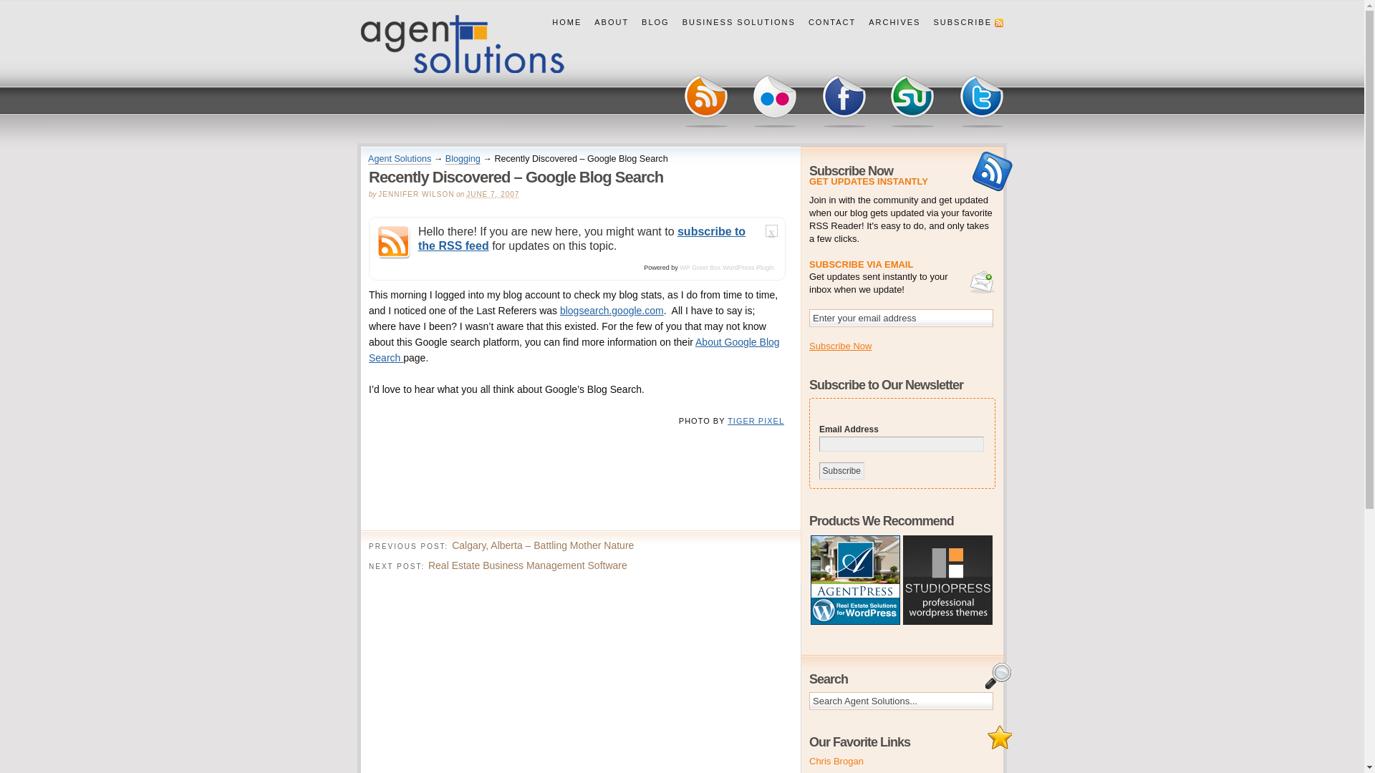  Describe the element at coordinates (836, 760) in the screenshot. I see `'Chris Brogan'` at that location.